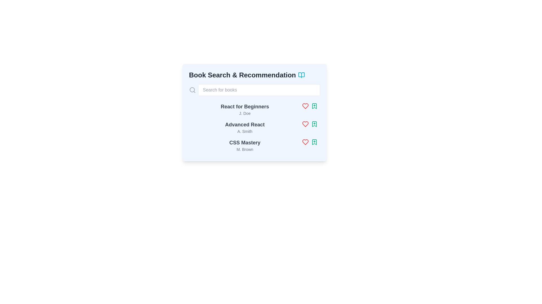 This screenshot has width=542, height=304. What do you see at coordinates (314, 124) in the screenshot?
I see `the bookmark icon with a cross symbol` at bounding box center [314, 124].